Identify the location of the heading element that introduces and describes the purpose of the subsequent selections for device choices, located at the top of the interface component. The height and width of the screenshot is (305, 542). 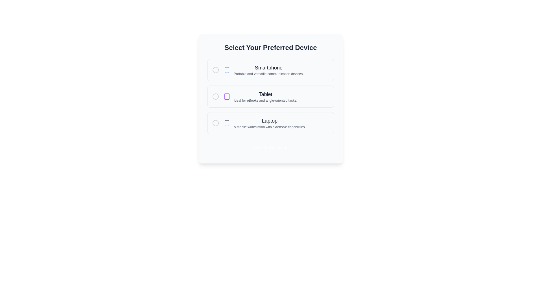
(270, 47).